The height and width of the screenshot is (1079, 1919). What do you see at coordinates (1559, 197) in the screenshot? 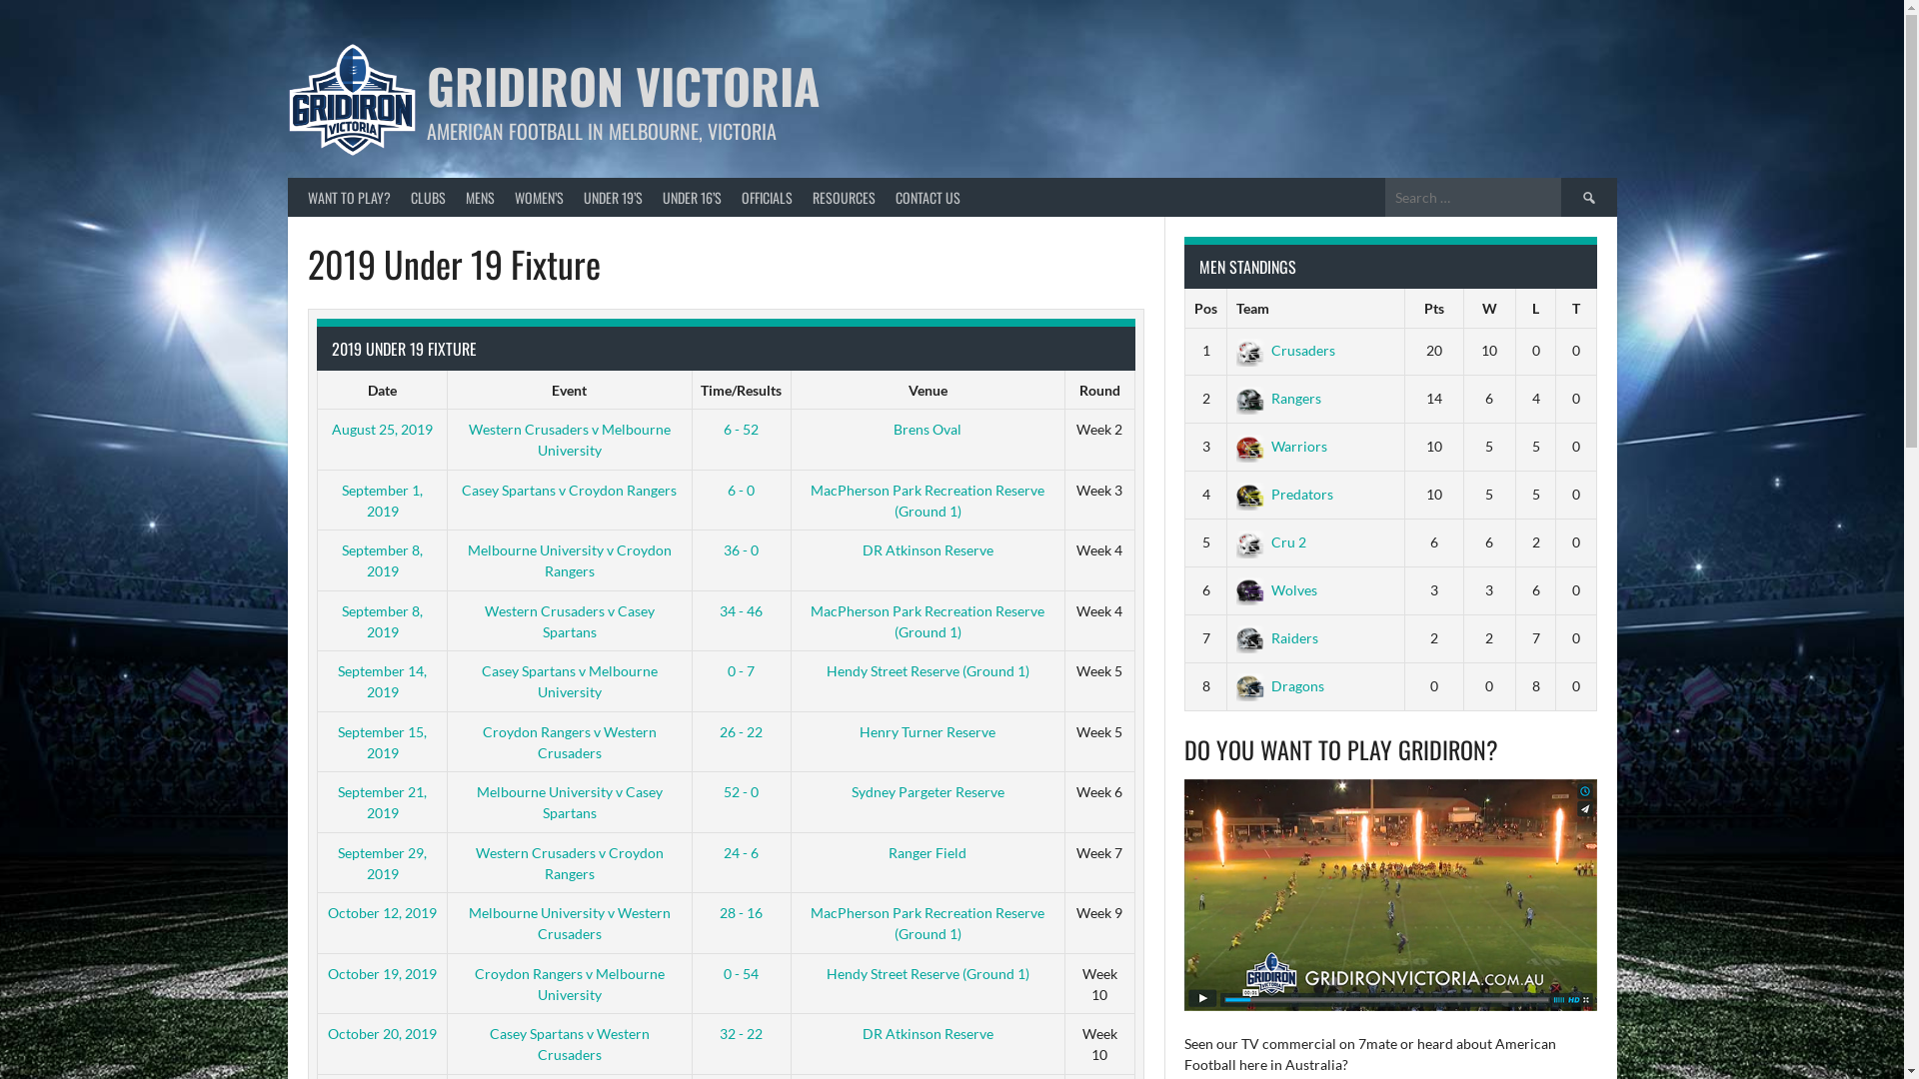
I see `'Search'` at bounding box center [1559, 197].